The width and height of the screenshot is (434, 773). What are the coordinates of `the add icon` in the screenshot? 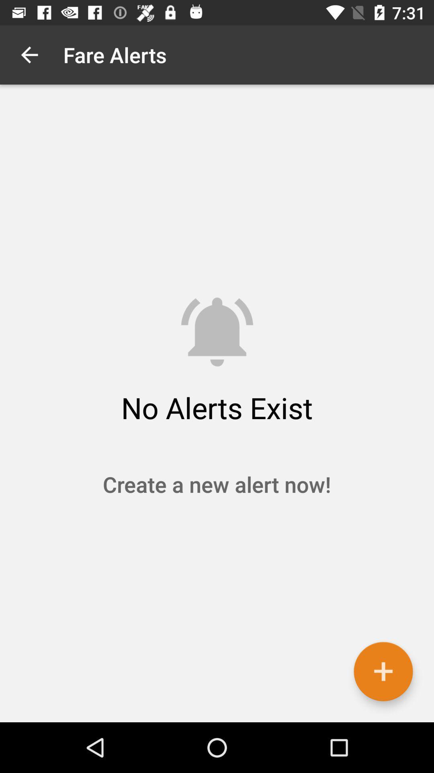 It's located at (383, 671).